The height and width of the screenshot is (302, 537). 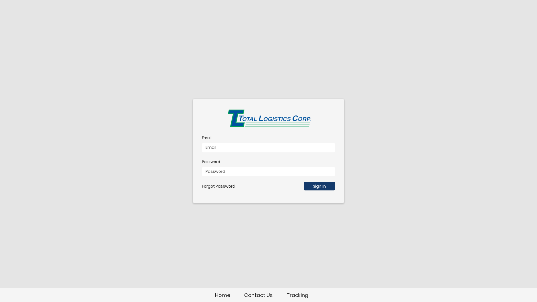 What do you see at coordinates (258, 295) in the screenshot?
I see `'Contact Us'` at bounding box center [258, 295].